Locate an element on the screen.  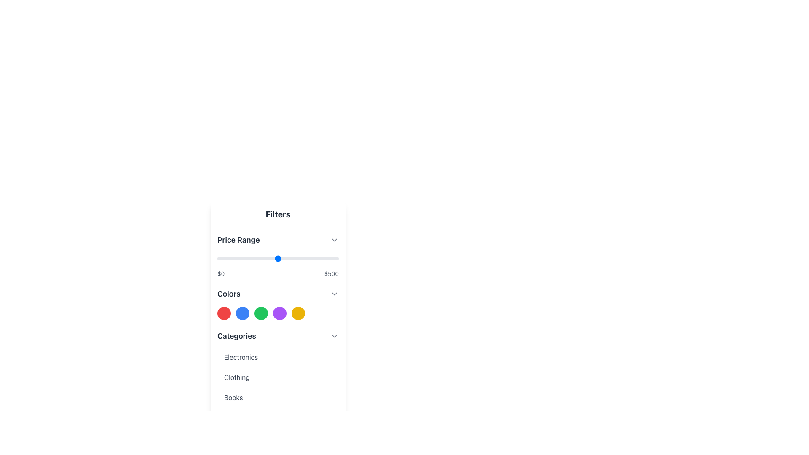
the slider is located at coordinates (290, 258).